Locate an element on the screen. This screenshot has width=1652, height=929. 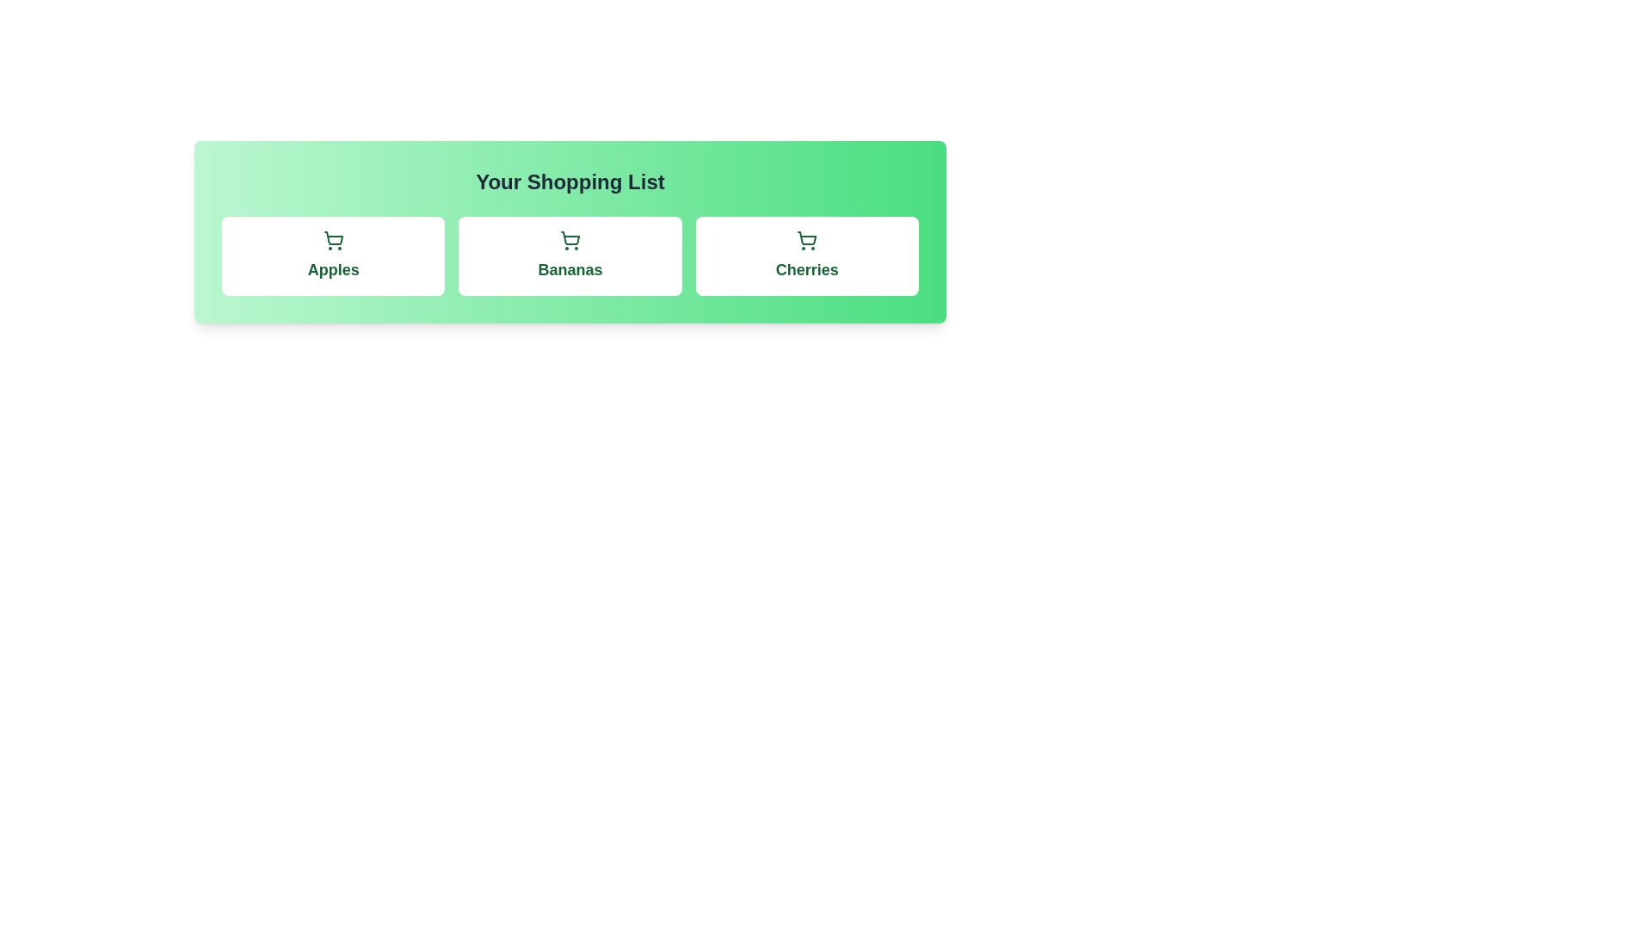
the item Bananas in the shopping list is located at coordinates (570, 255).